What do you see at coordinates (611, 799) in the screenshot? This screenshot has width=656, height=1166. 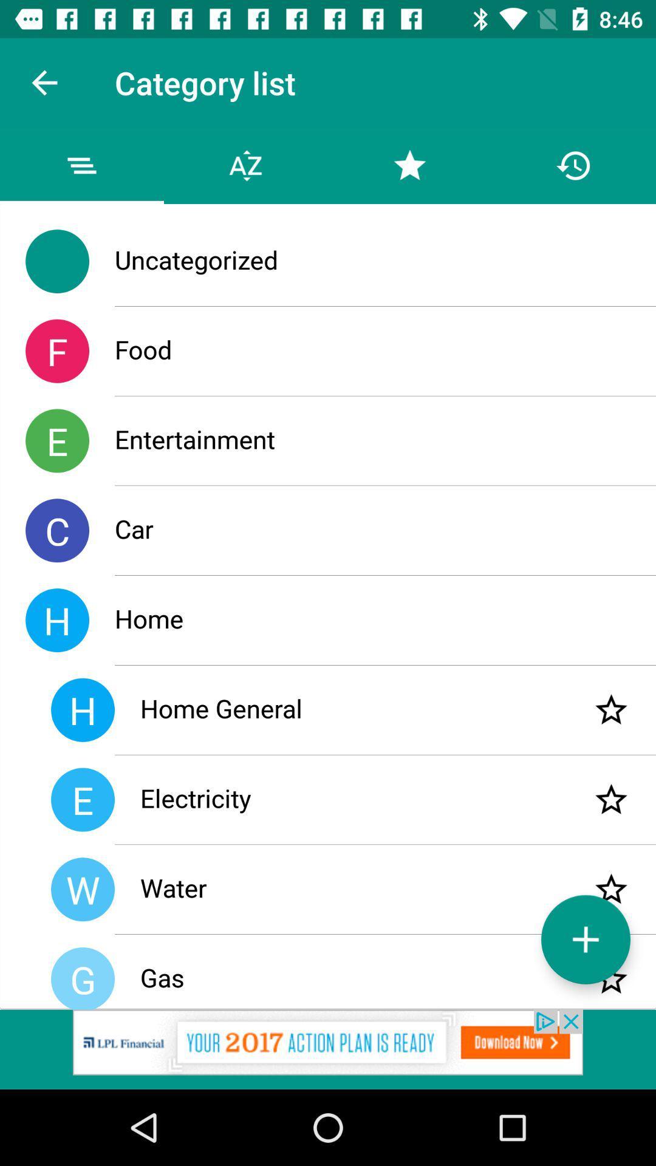 I see `as favorite` at bounding box center [611, 799].